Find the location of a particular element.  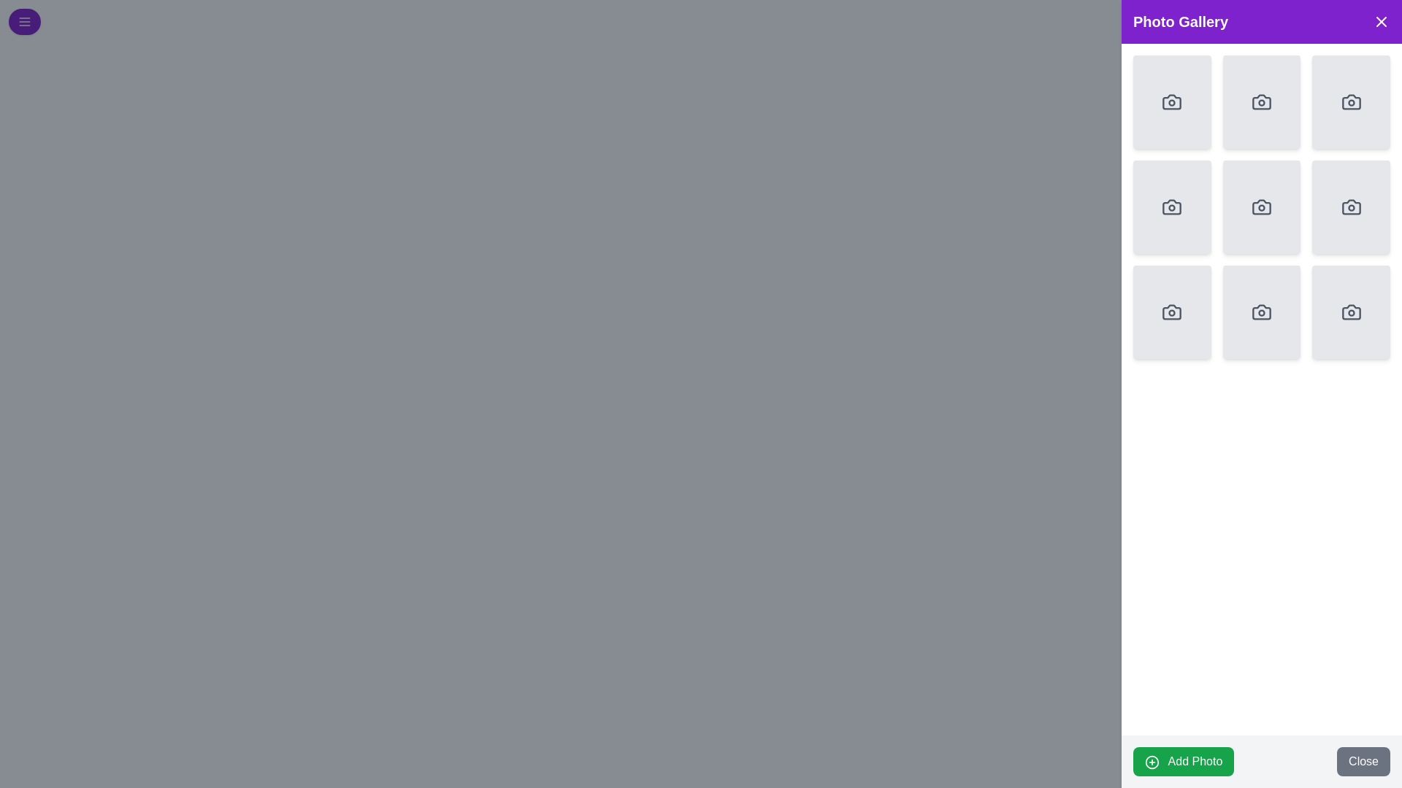

the 'Add Photo' button located at the bottom left of the Photo Gallery panel to change its color is located at coordinates (1184, 761).